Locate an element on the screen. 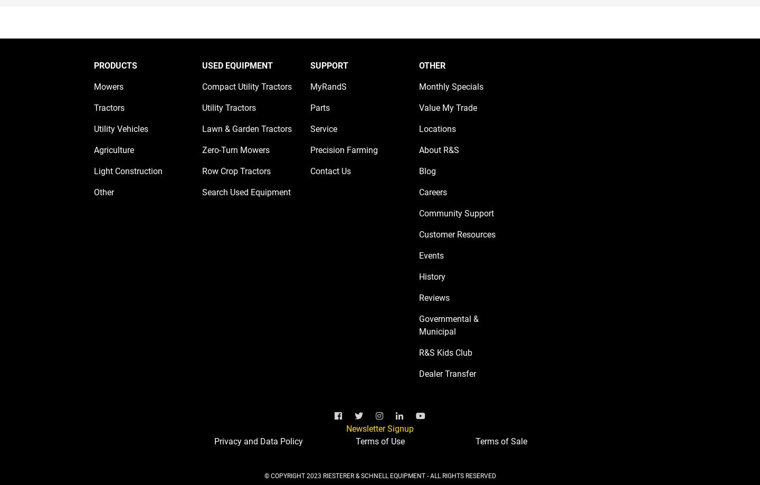 The width and height of the screenshot is (760, 485). 'Light Construction' is located at coordinates (127, 170).